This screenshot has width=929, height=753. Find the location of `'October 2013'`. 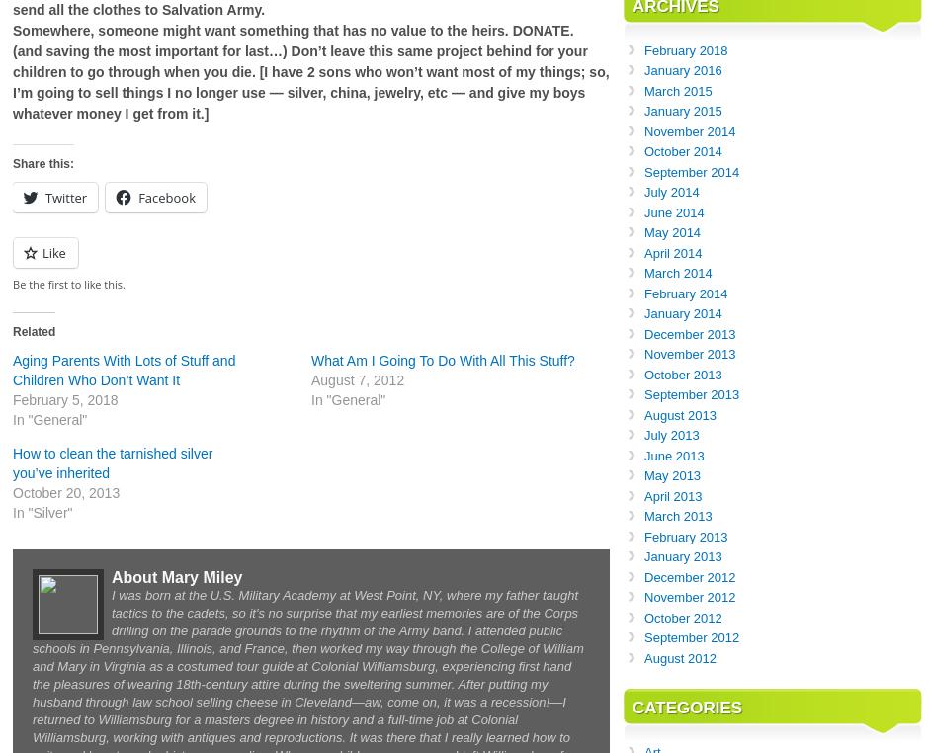

'October 2013' is located at coordinates (681, 374).